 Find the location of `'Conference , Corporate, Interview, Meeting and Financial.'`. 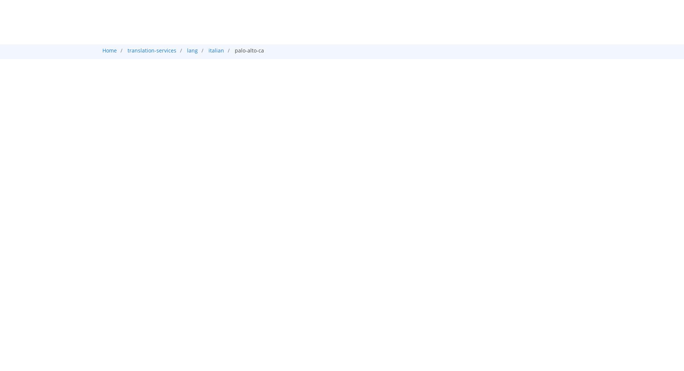

'Conference , Corporate, Interview, Meeting and Financial.' is located at coordinates (185, 162).